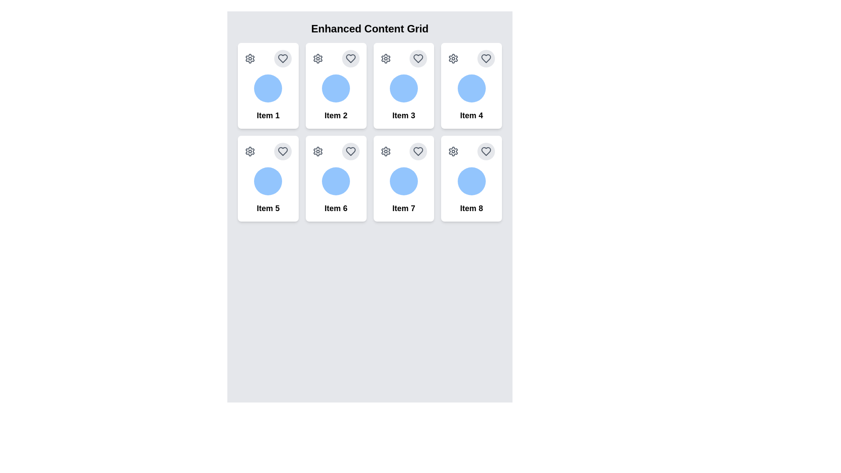 The width and height of the screenshot is (841, 473). Describe the element at coordinates (336, 180) in the screenshot. I see `the circular decorative element located in the center of the card labeled 'Item 6', positioned in the second row and second column of the grid layout` at that location.